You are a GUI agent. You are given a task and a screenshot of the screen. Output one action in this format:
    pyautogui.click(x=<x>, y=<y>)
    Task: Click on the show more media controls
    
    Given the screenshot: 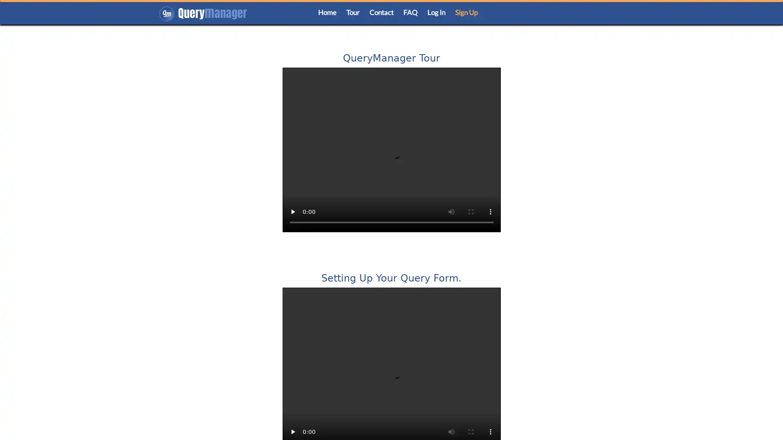 What is the action you would take?
    pyautogui.click(x=489, y=211)
    